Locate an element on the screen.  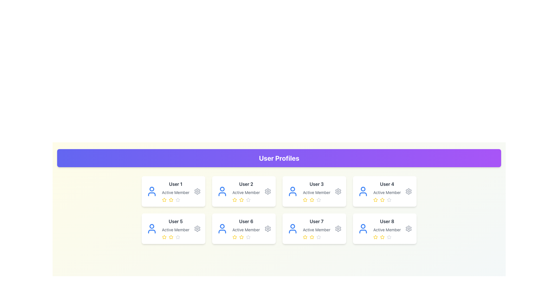
the text label displaying 'User Profiles' in bold, large white font, which is centered at the top of the interface above user cards is located at coordinates (279, 158).